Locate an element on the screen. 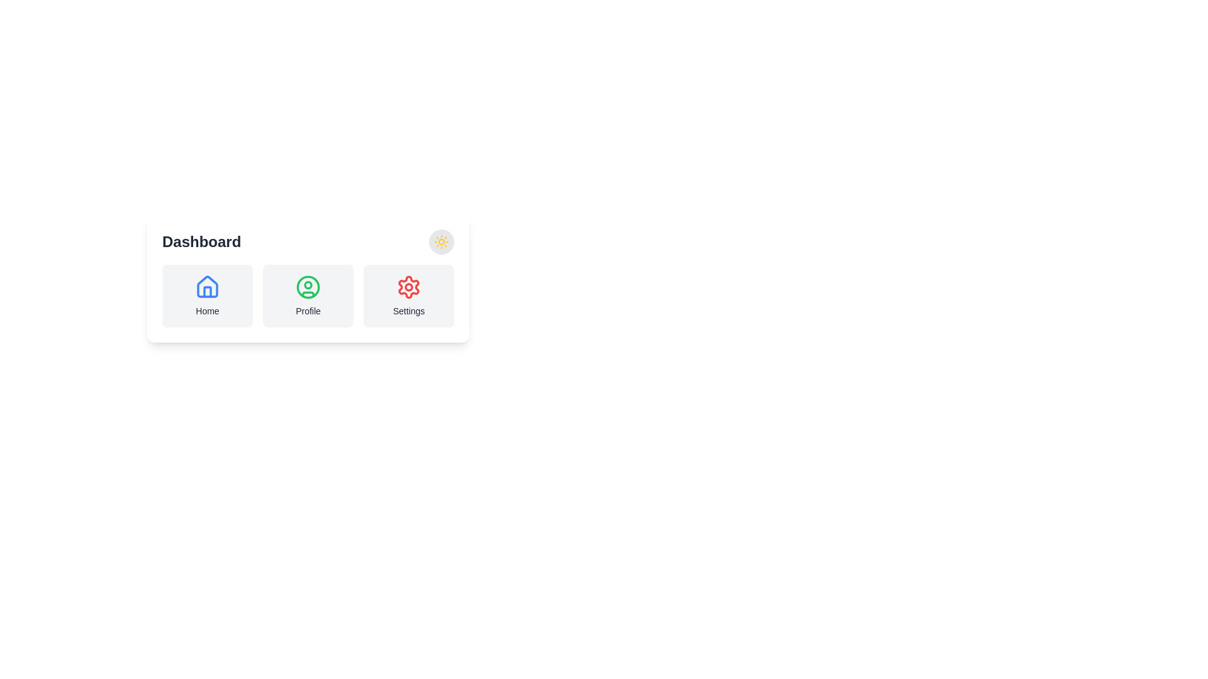 The width and height of the screenshot is (1208, 679). the 'Settings' text label that serves as a descriptor for its associated gear icon, positioned below it in the UI is located at coordinates (408, 311).